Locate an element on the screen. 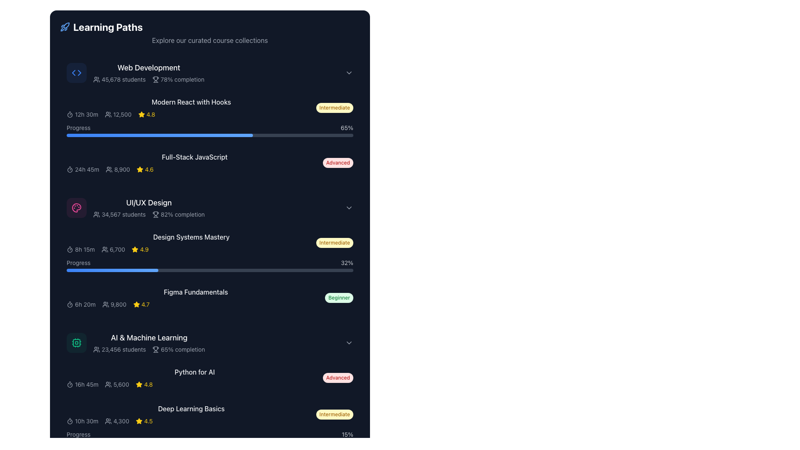 The height and width of the screenshot is (450, 800). the fourth star icon in the rating component, which is styled with a golden fill color and represents a star shape is located at coordinates (140, 169).